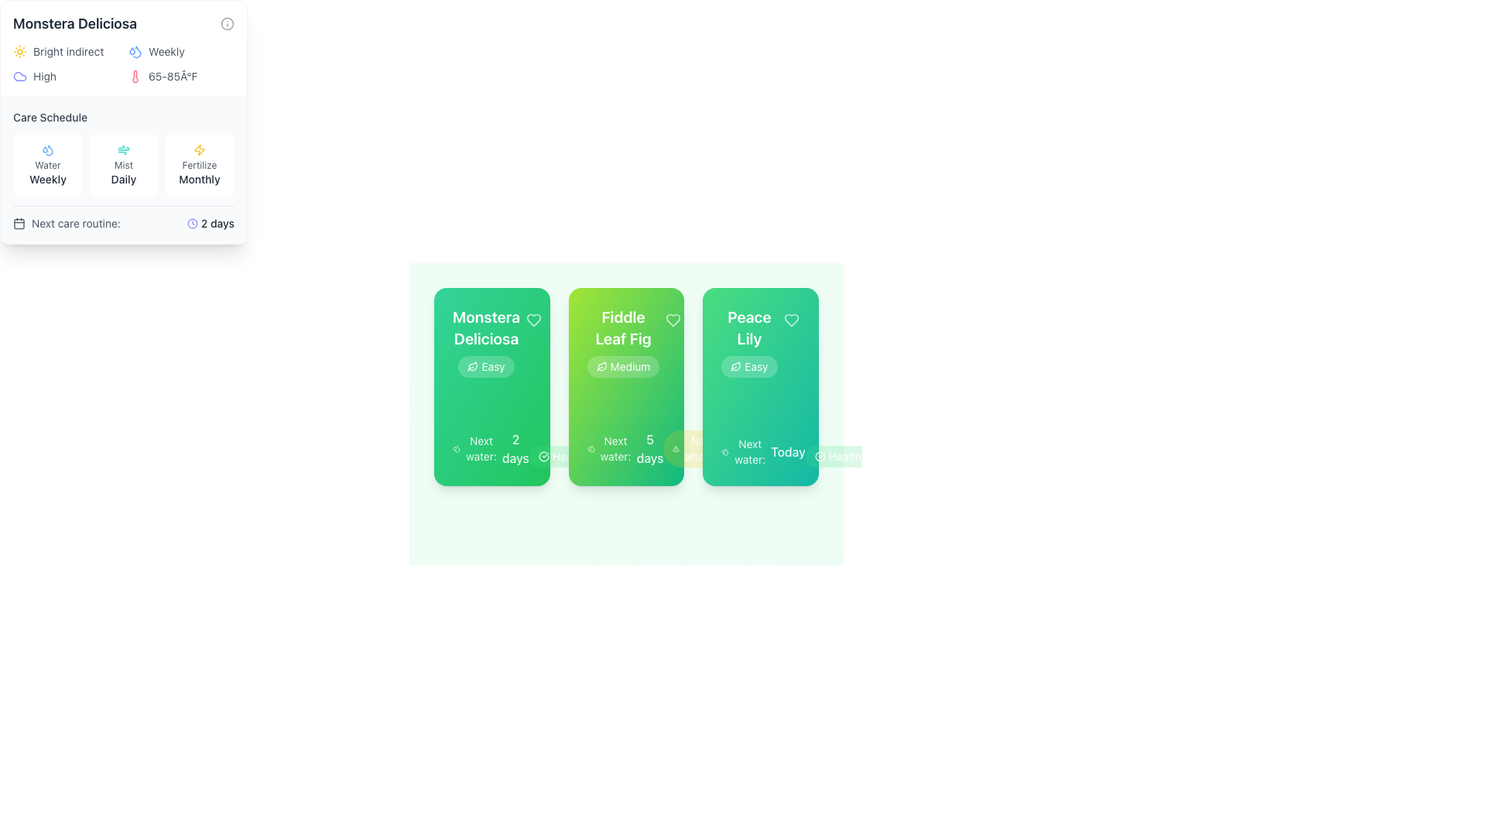  What do you see at coordinates (676, 448) in the screenshot?
I see `the small triangular Decorative icon resembling an alert or warning symbol, which is located on the left side of the 'Needs attention' badge with a light yellow background` at bounding box center [676, 448].